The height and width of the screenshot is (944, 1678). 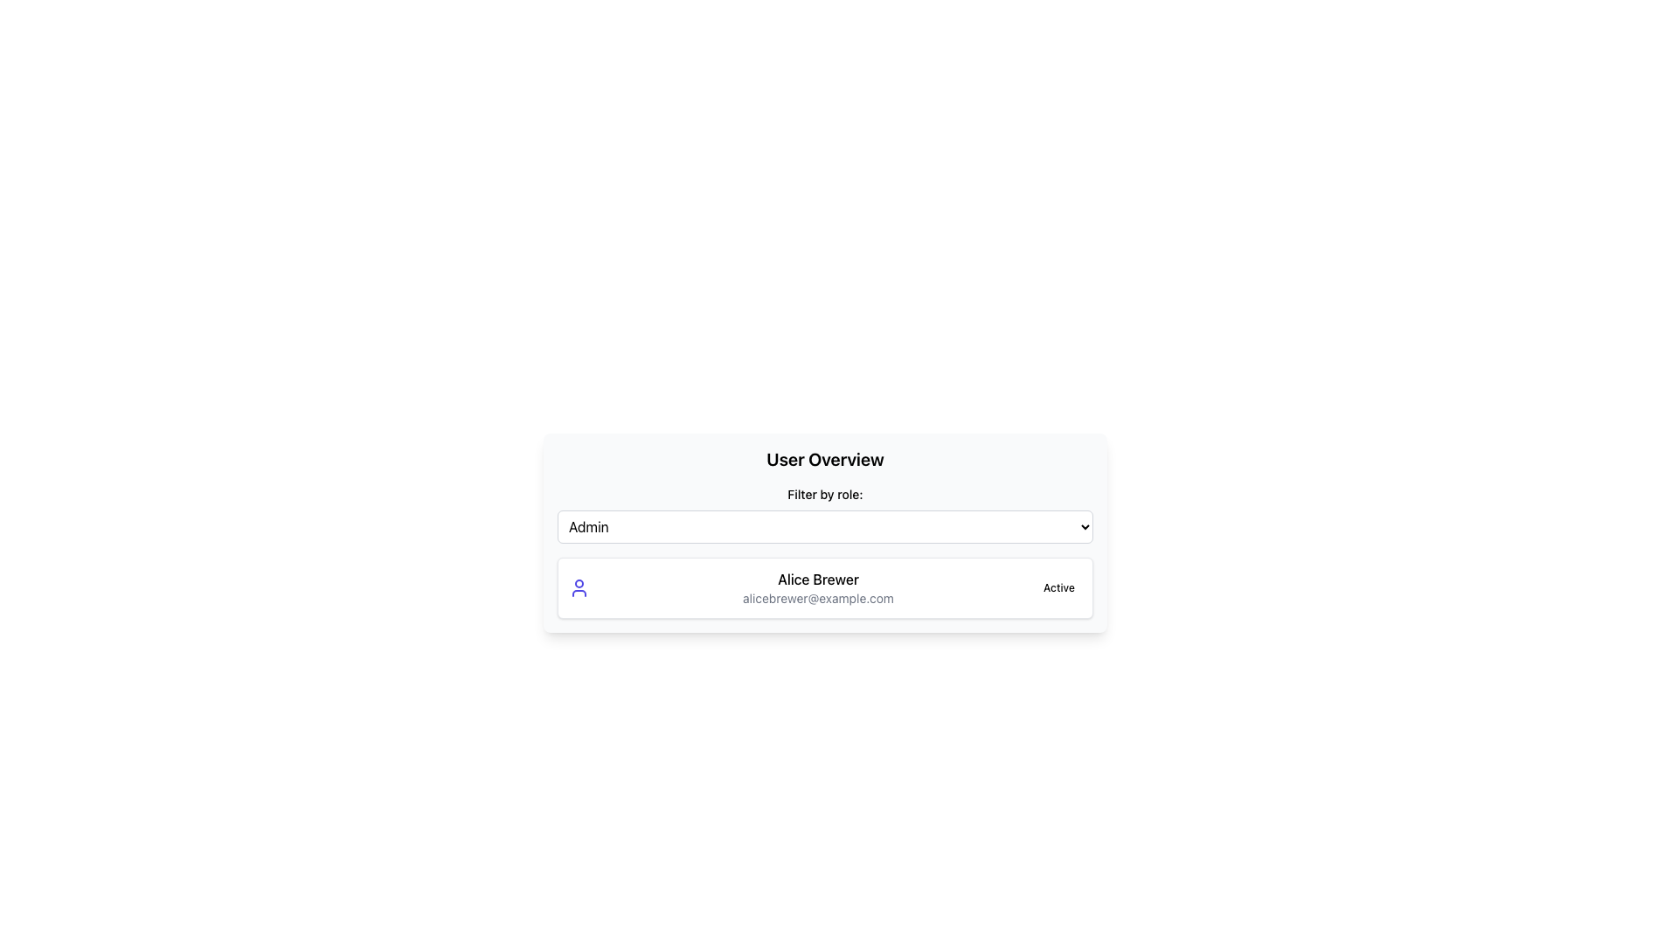 What do you see at coordinates (579, 587) in the screenshot?
I see `user profile icon, which is an SVG element styled with a blue stroke, located to the left of the user's name 'Alice Brewer' and email 'alicebrewer@example.com'` at bounding box center [579, 587].